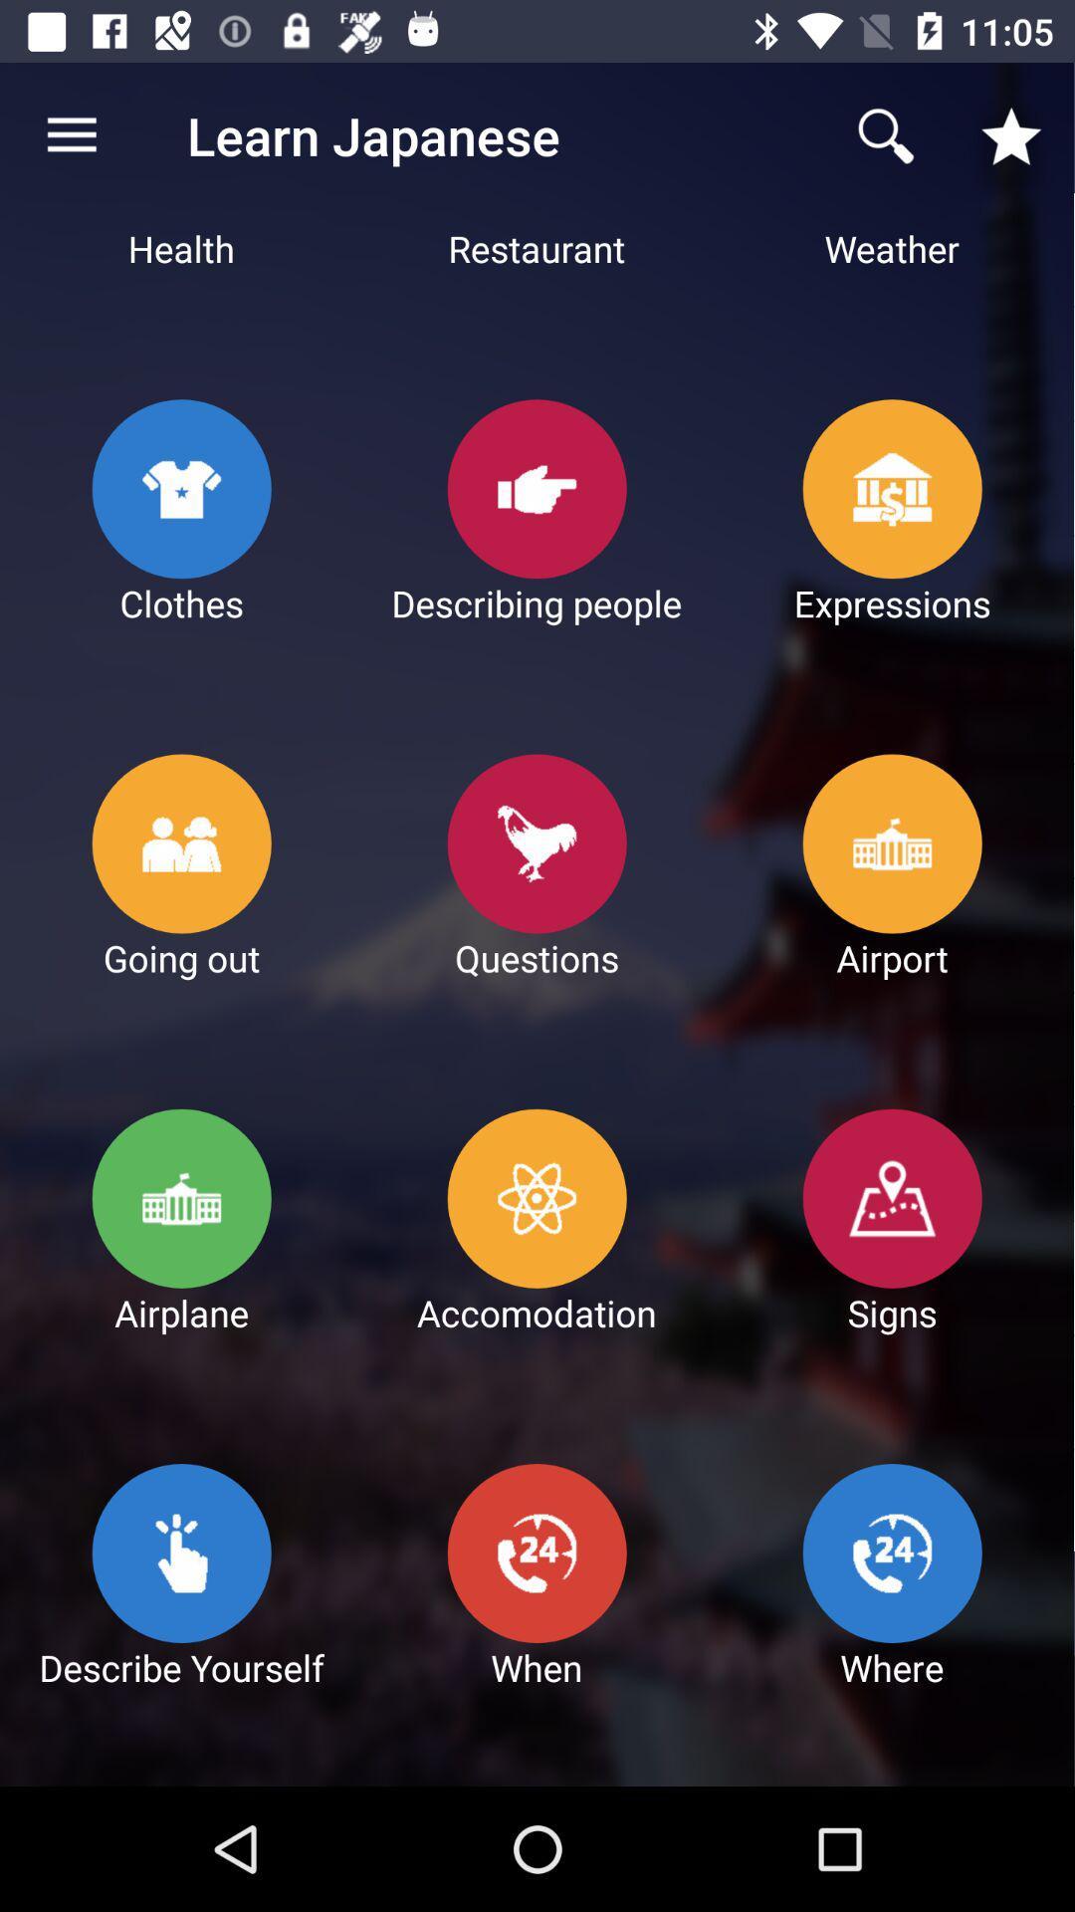  I want to click on image above clothes, so click(183, 488).